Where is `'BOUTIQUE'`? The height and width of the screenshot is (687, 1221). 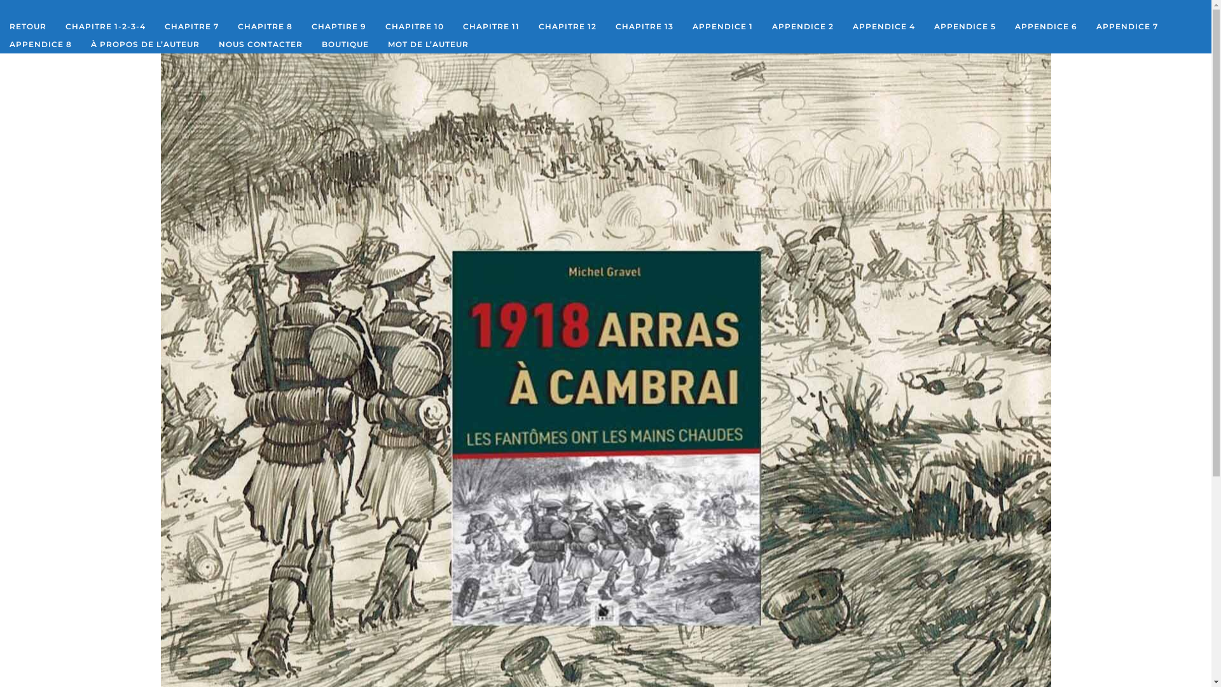
'BOUTIQUE' is located at coordinates (345, 43).